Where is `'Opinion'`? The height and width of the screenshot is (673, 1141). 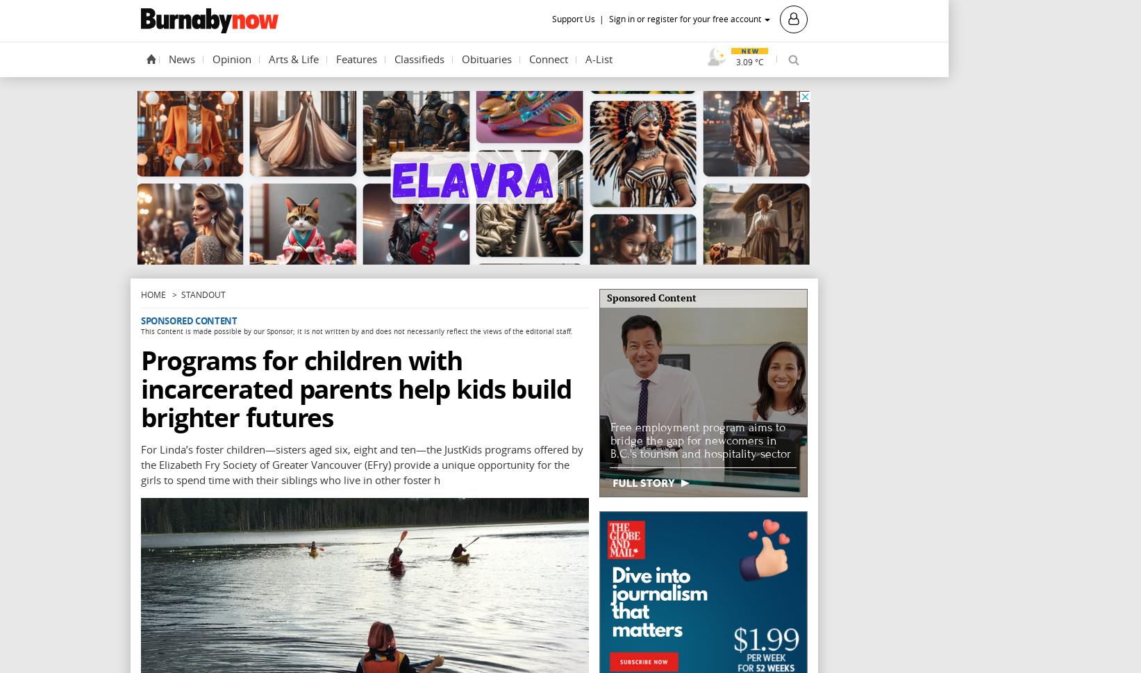
'Opinion' is located at coordinates (231, 58).